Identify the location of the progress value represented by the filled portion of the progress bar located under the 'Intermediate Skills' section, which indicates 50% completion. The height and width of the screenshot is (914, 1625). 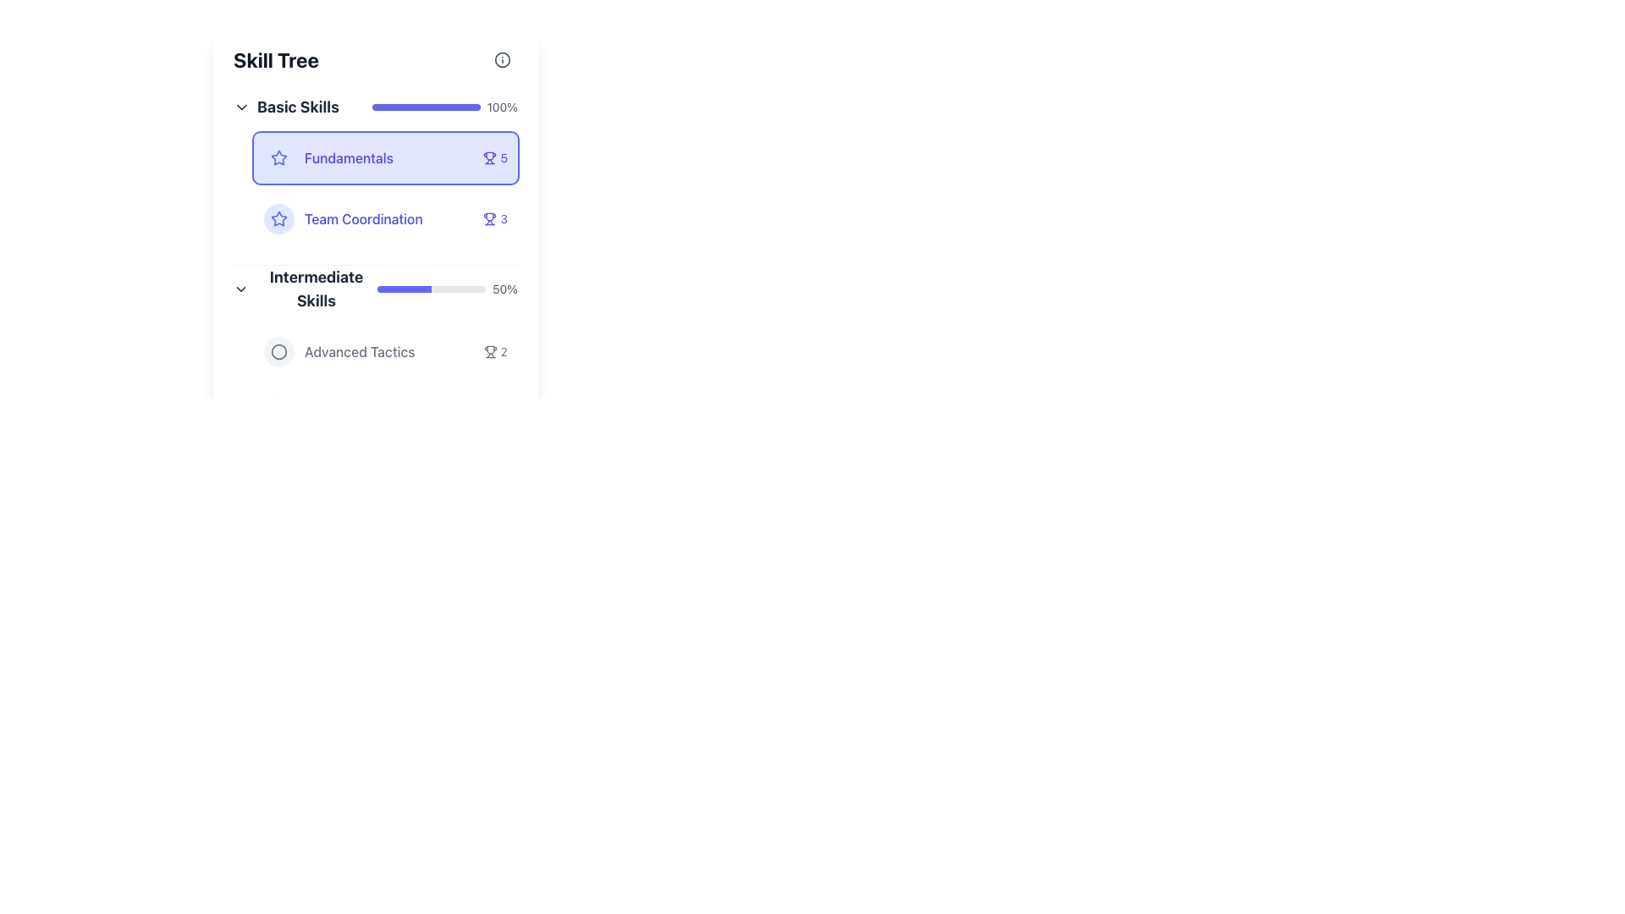
(404, 289).